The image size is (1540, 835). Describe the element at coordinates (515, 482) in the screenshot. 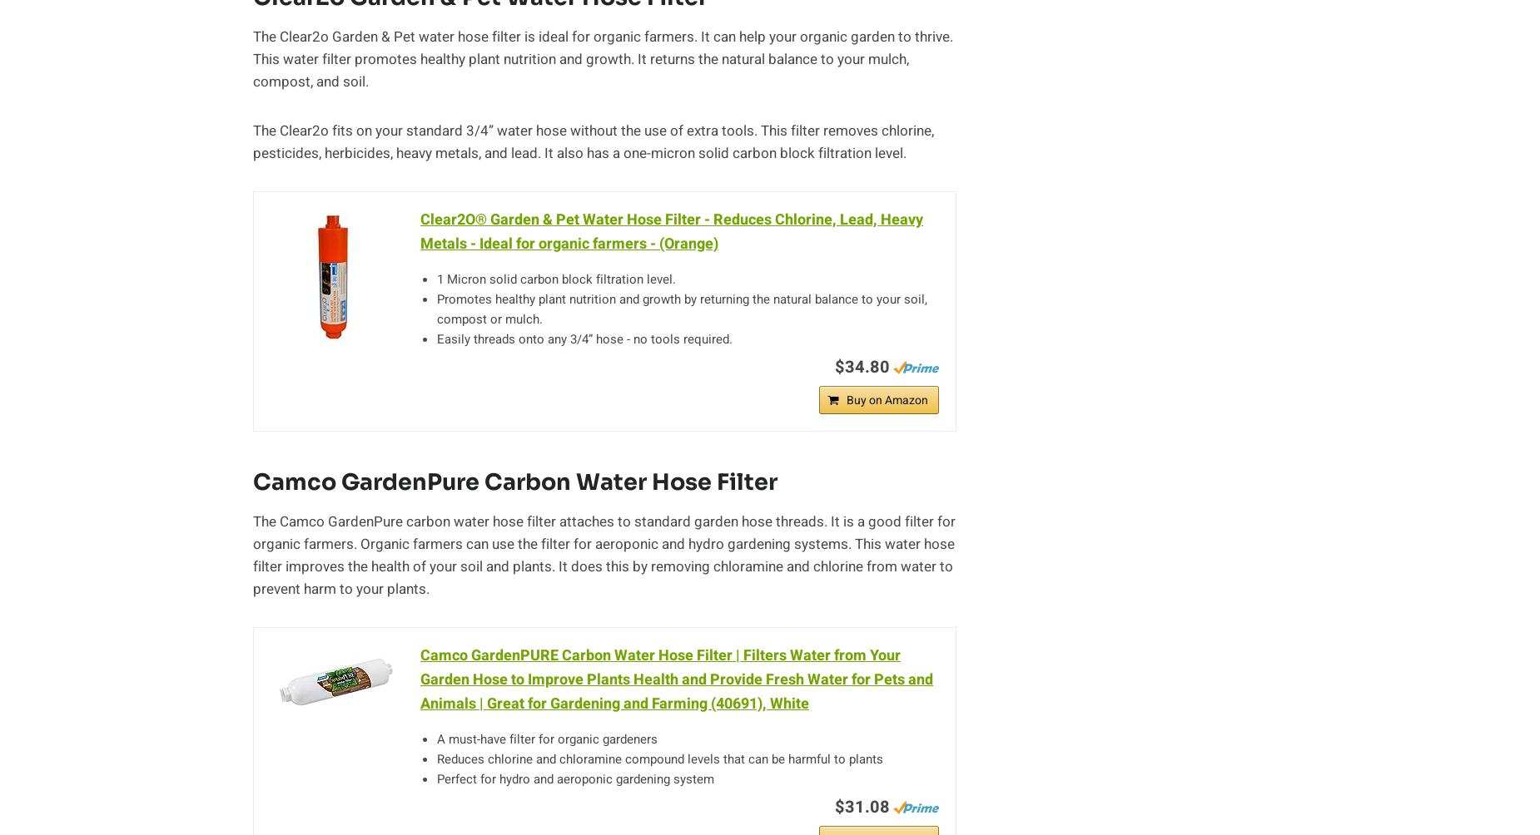

I see `'Camco GardenPure Carbon Water Hose Filter'` at that location.